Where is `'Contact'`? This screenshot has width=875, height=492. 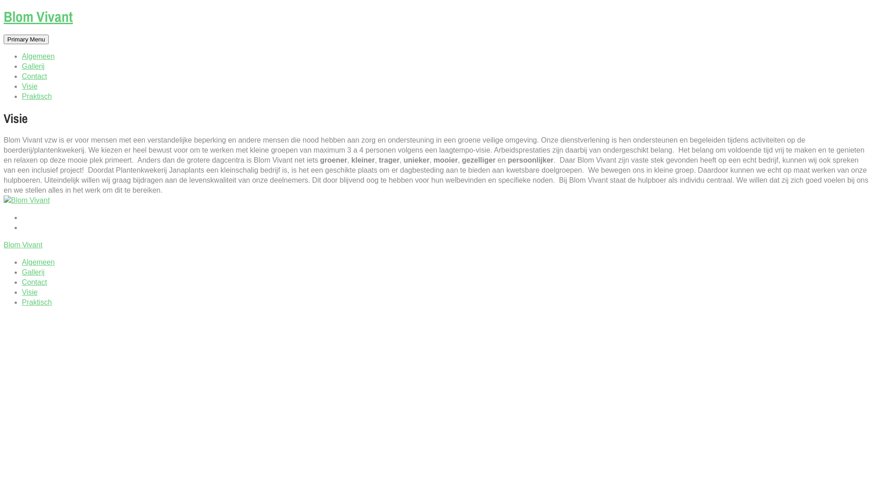 'Contact' is located at coordinates (34, 76).